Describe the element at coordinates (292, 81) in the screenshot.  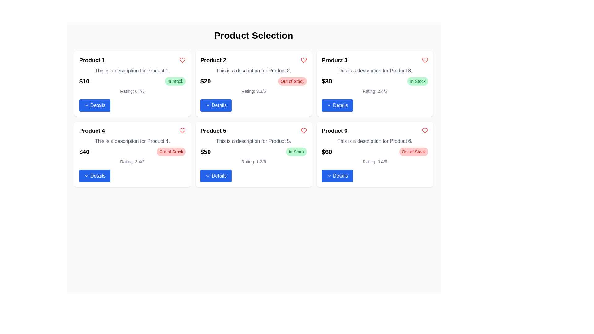
I see `the rounded rectangular label with a light red background and bold red text reading 'Out of Stock', located in the card for 'Product 2', which is in the upper row's second column, positioned to the right of the price label '$20'` at that location.